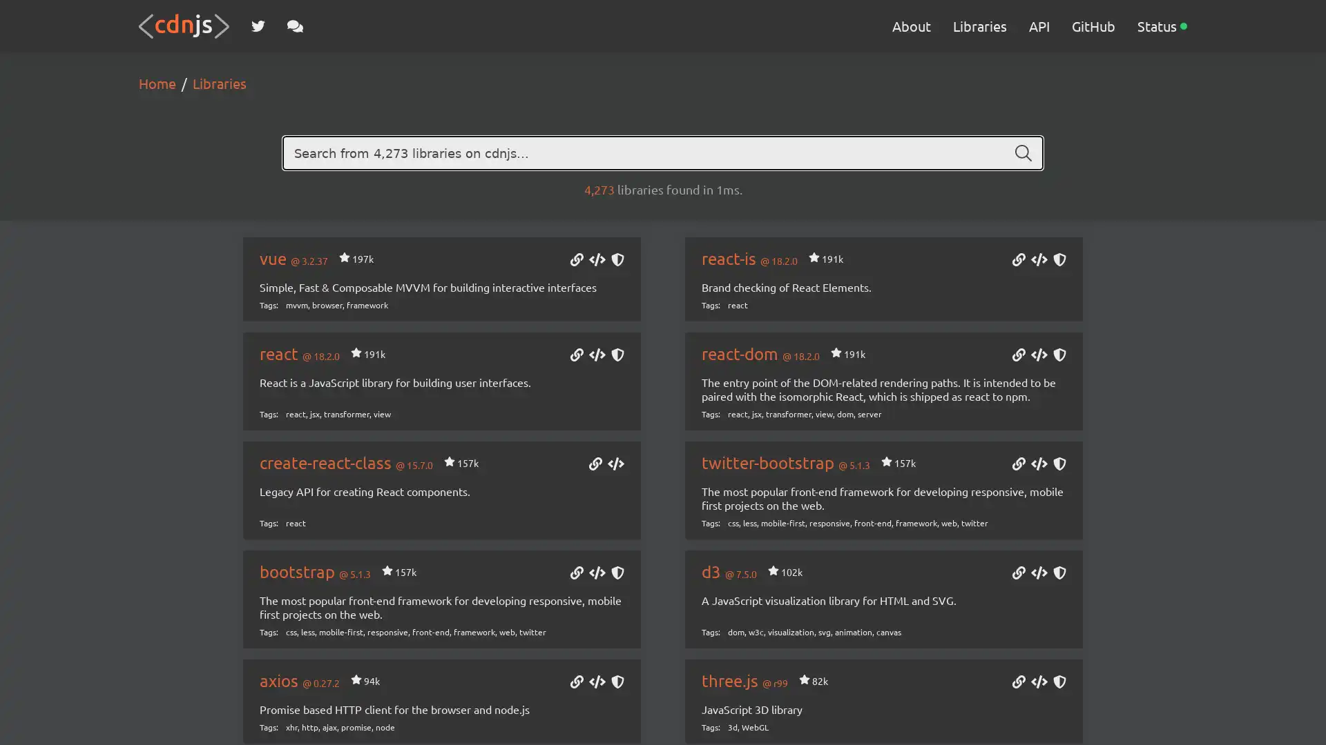 This screenshot has height=745, width=1326. What do you see at coordinates (1059, 355) in the screenshot?
I see `Copy SRI Hash` at bounding box center [1059, 355].